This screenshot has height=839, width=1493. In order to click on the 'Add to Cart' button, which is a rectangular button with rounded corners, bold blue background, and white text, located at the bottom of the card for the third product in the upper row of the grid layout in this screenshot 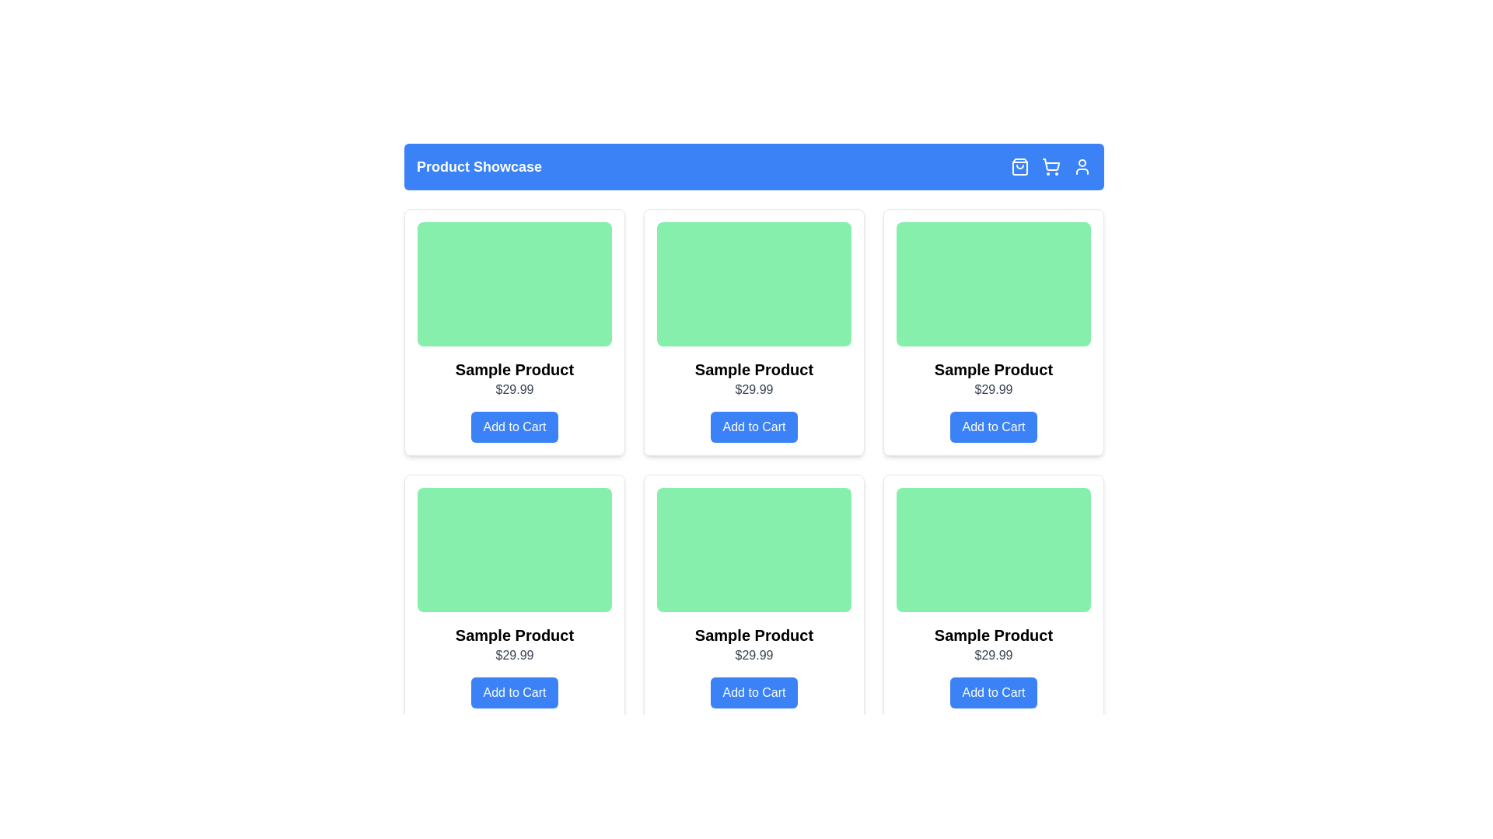, I will do `click(992, 427)`.